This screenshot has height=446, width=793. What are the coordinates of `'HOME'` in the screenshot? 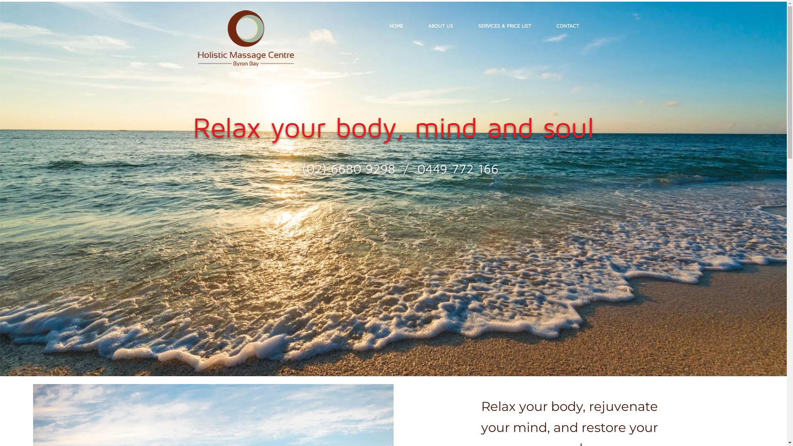 It's located at (396, 25).